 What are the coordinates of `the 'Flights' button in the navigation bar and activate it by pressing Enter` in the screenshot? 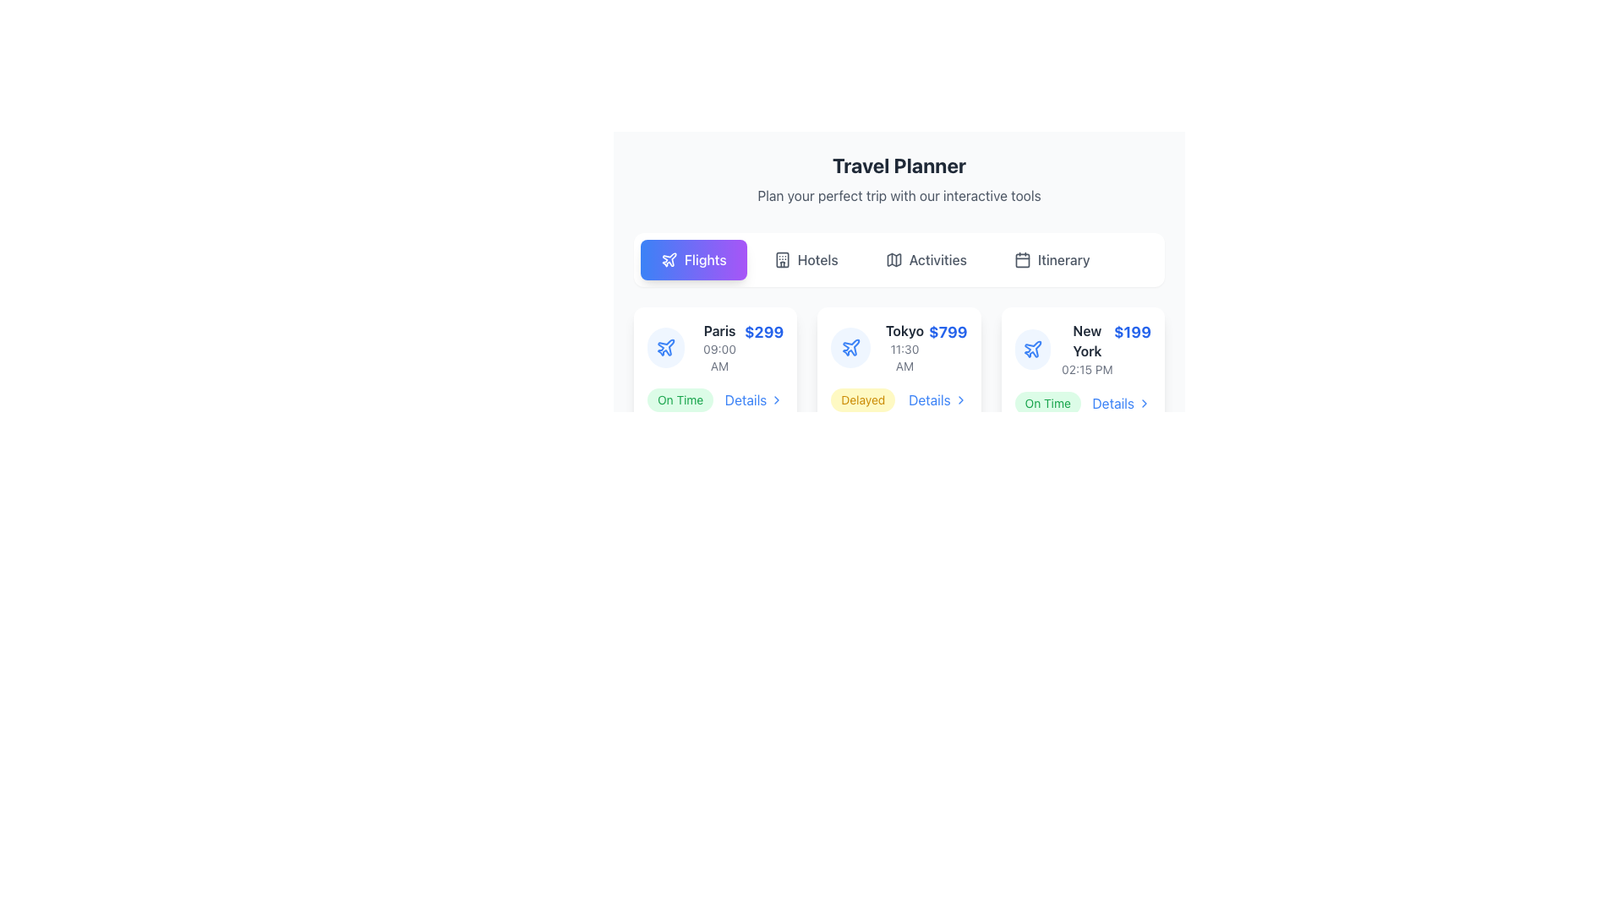 It's located at (693, 260).